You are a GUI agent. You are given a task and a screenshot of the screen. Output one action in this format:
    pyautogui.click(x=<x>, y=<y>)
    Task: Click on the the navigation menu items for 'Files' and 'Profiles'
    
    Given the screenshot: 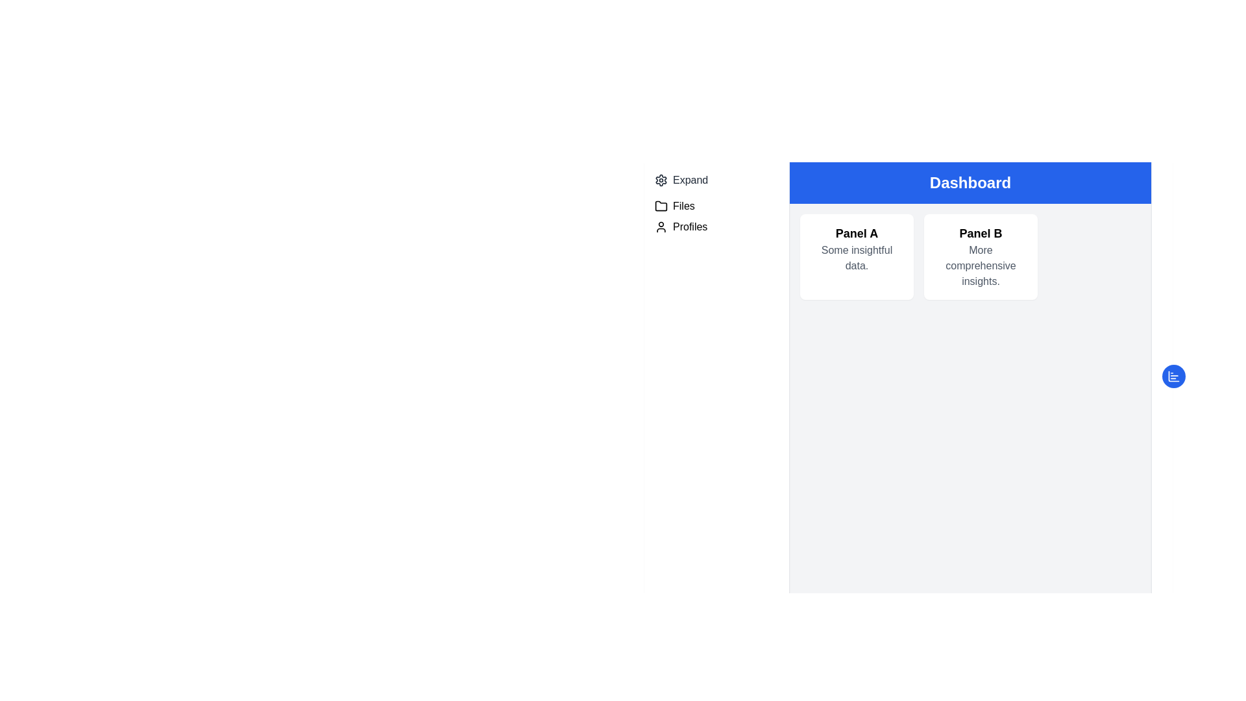 What is the action you would take?
    pyautogui.click(x=716, y=216)
    